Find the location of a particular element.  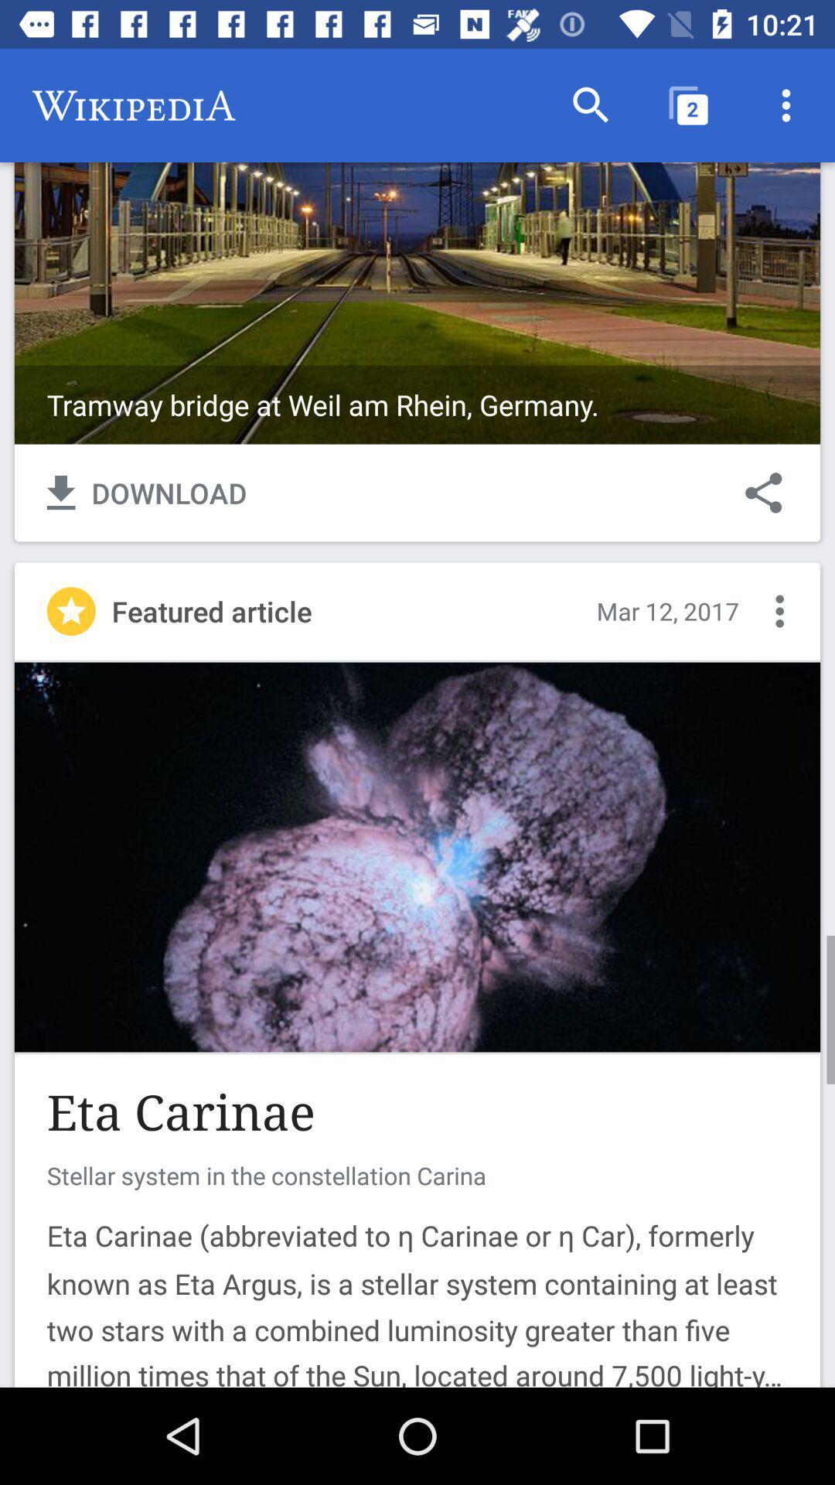

the item next to download is located at coordinates (762, 492).